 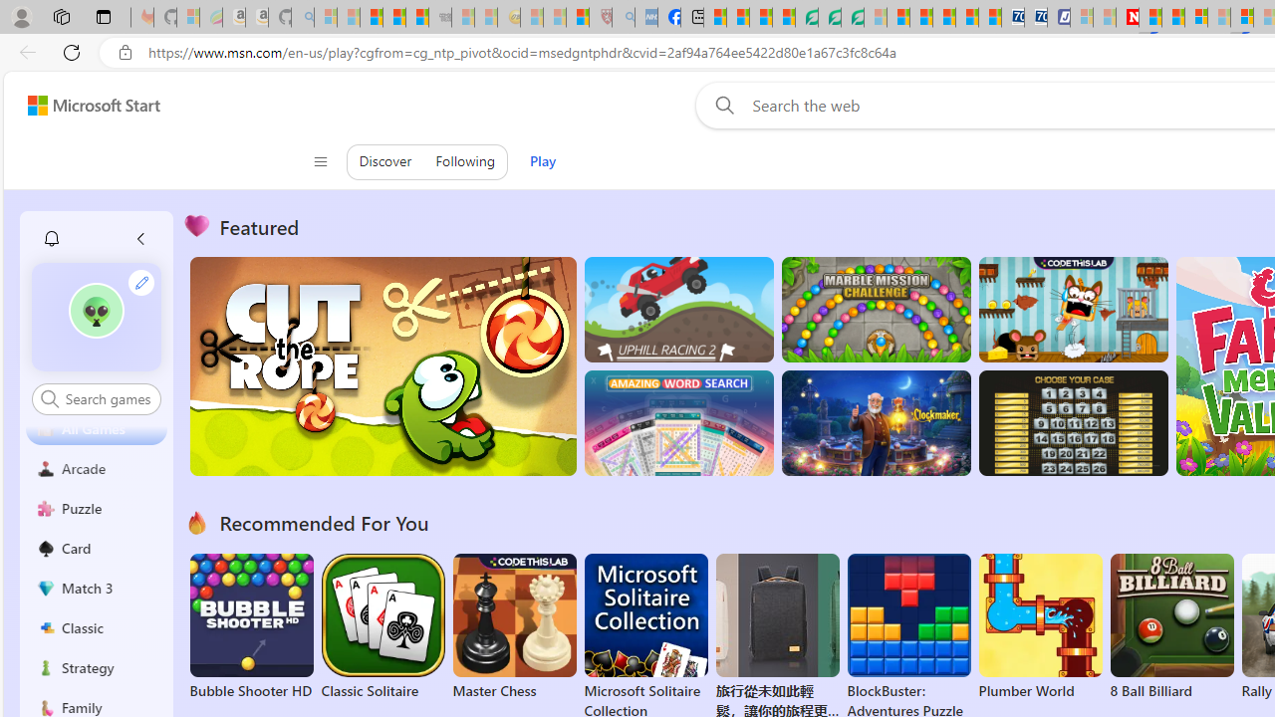 What do you see at coordinates (1171, 627) in the screenshot?
I see `'8 Ball Billiard'` at bounding box center [1171, 627].